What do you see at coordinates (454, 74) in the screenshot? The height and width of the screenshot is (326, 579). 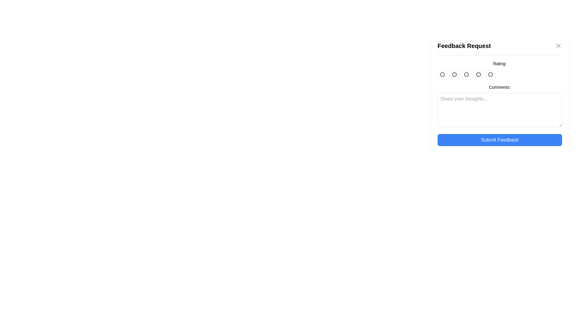 I see `the second radio button in the rating scale under the 'Rating:' label` at bounding box center [454, 74].